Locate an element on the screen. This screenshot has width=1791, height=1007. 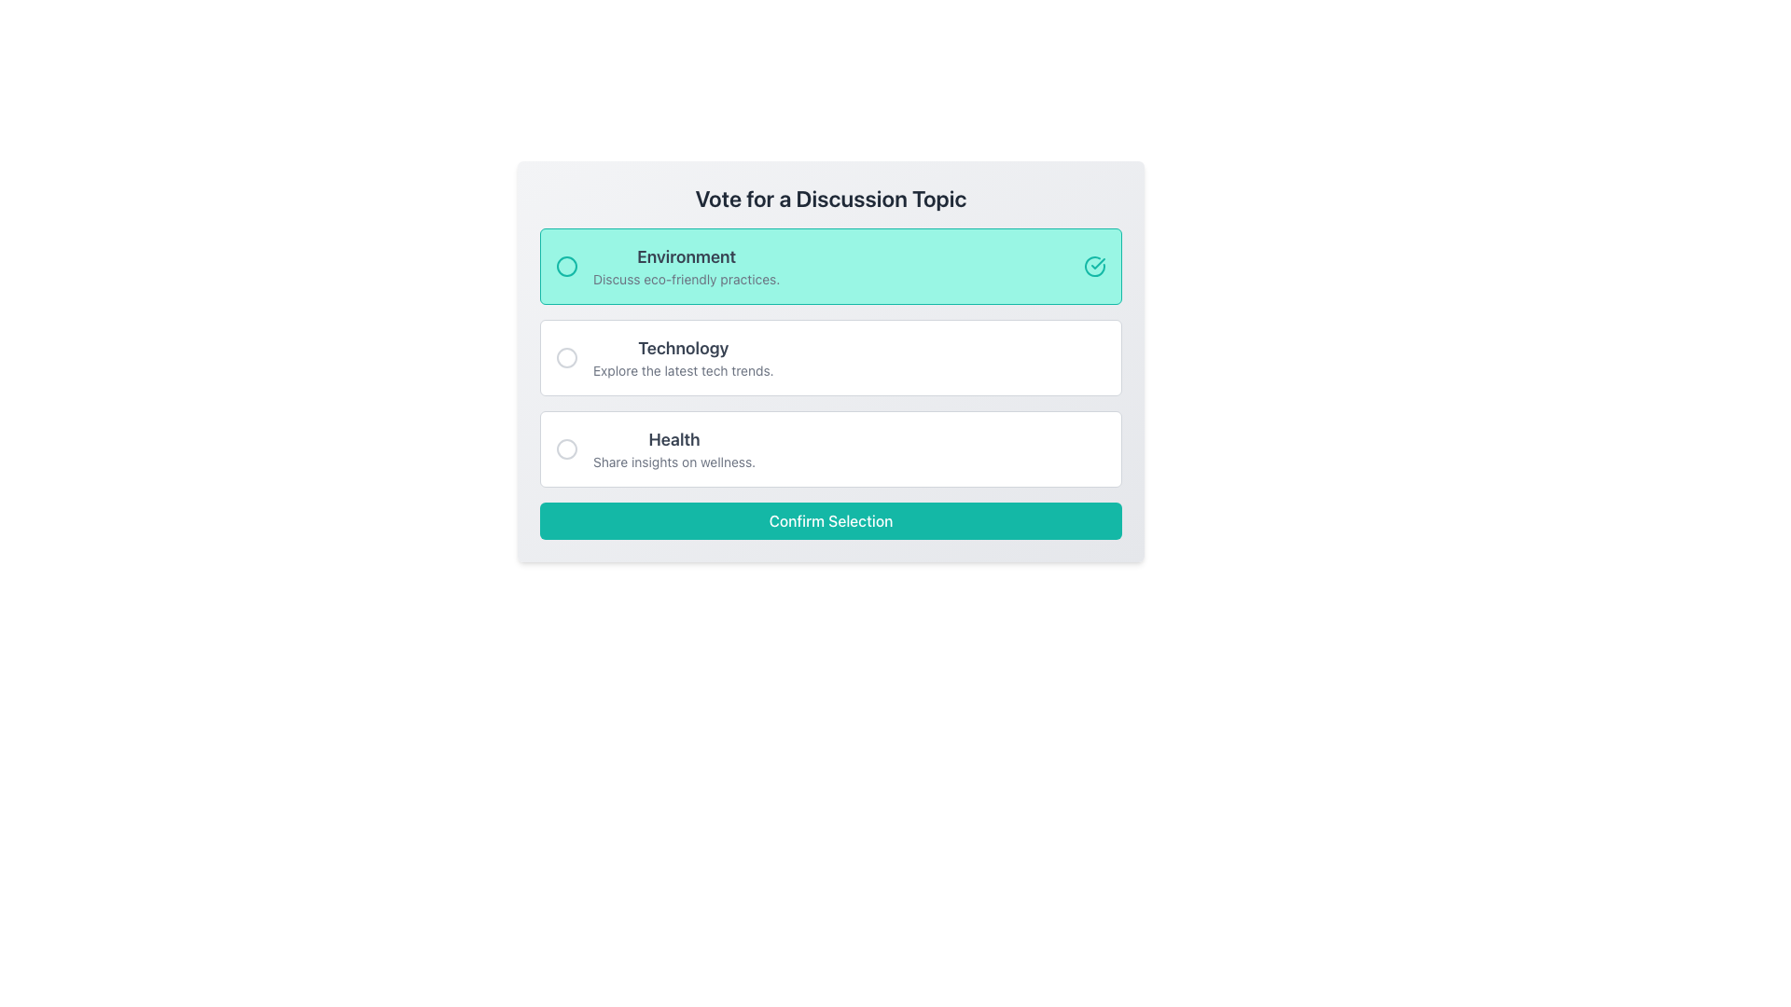
the text component displaying 'Discuss eco-friendly practices.' styled in gray, located within the turquoise card labeled 'Environment', which is positioned below the larger bold text 'Environment' is located at coordinates (686, 280).